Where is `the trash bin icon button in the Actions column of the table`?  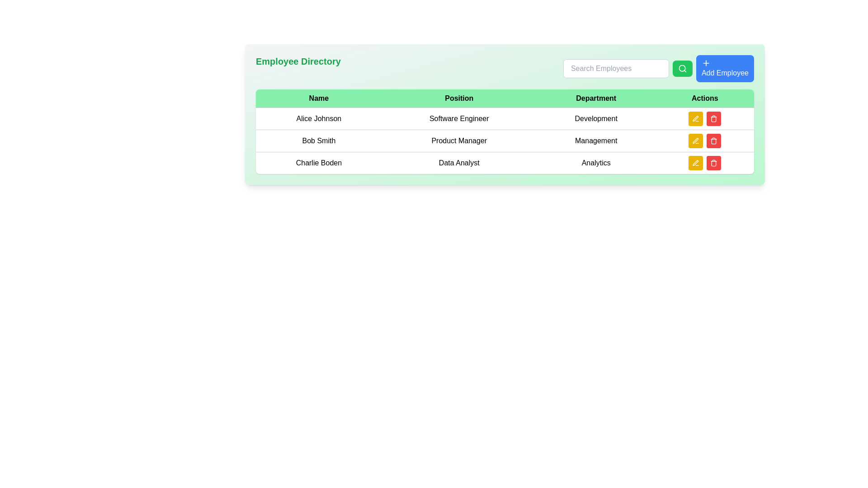
the trash bin icon button in the Actions column of the table is located at coordinates (713, 163).